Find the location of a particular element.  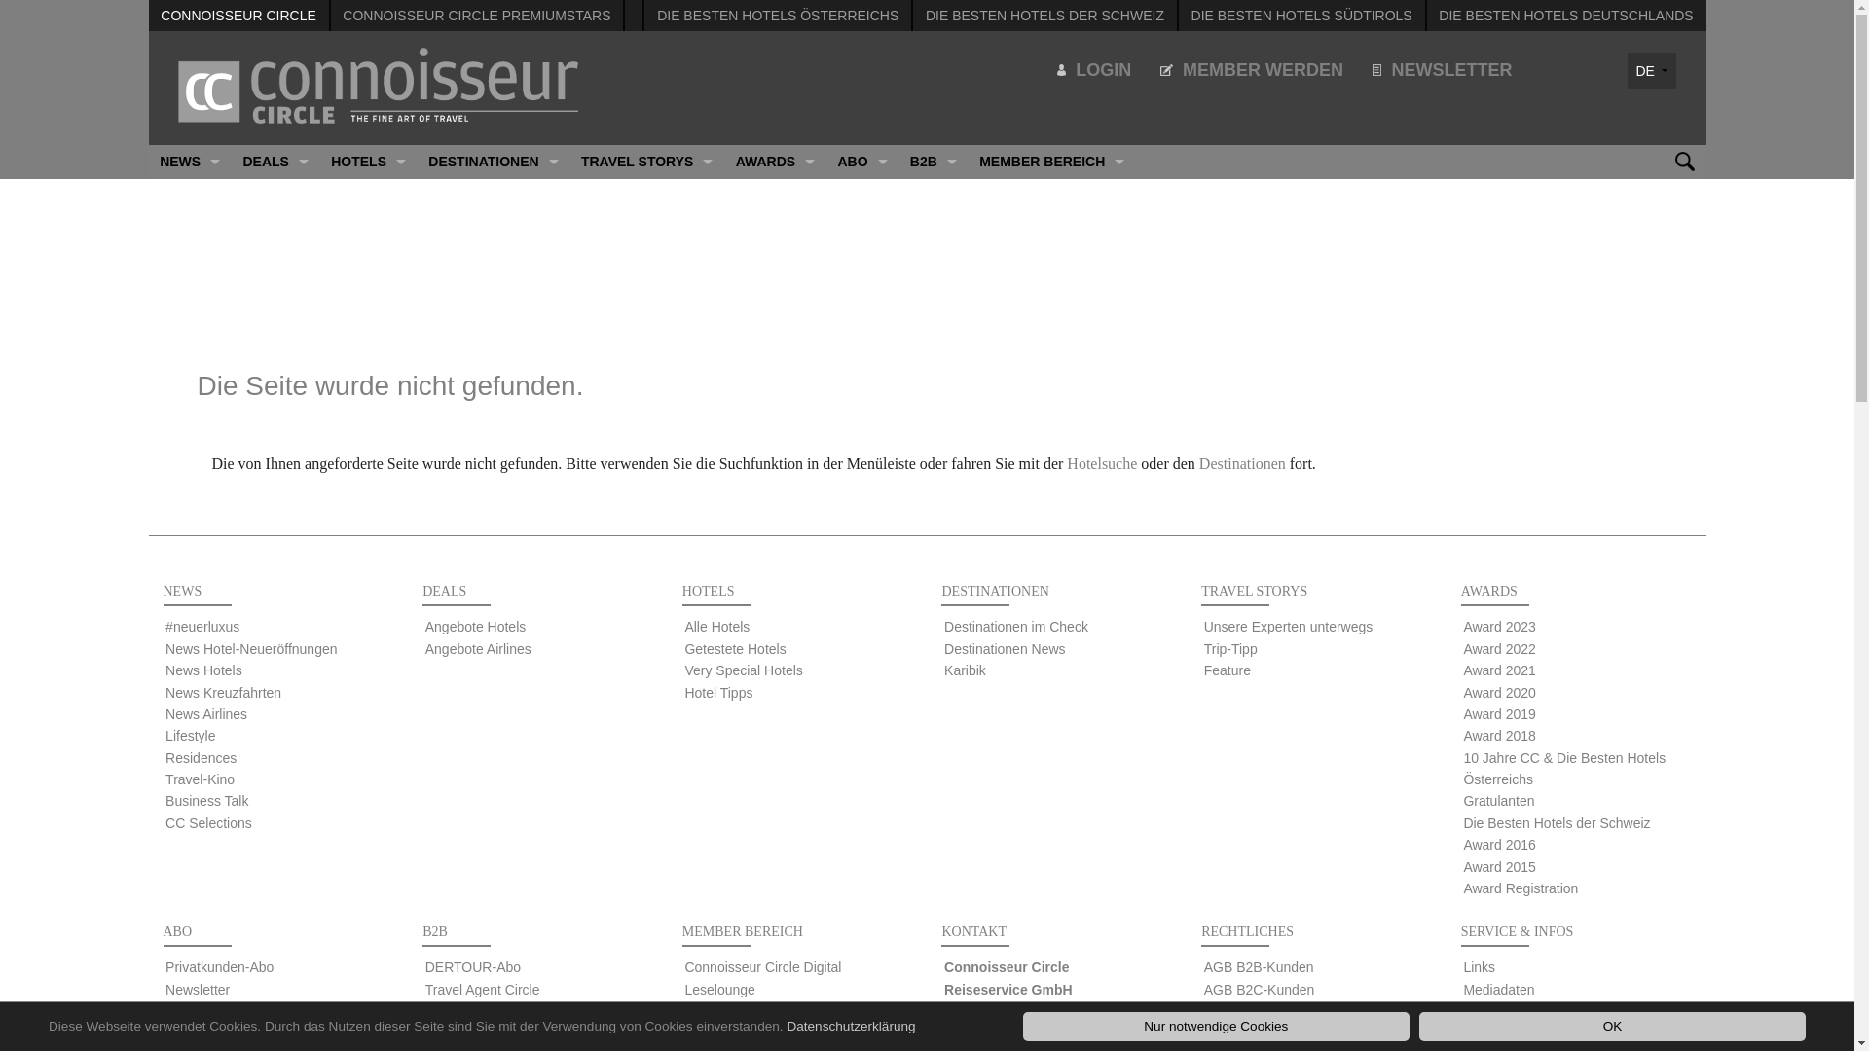

'News Airlines' is located at coordinates (205, 713).